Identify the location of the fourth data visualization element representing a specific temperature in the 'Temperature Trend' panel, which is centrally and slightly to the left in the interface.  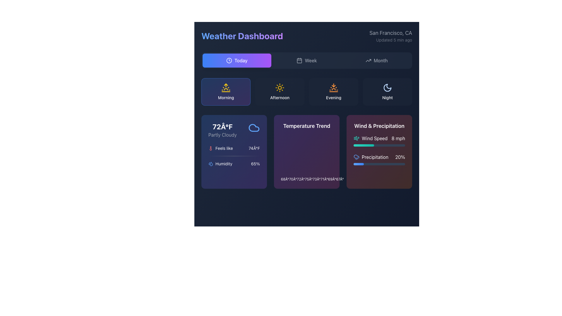
(309, 178).